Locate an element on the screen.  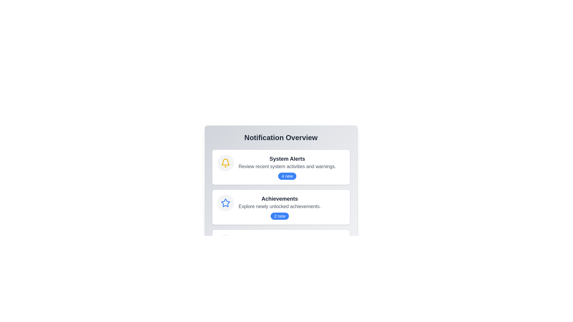
information displayed on the 'System Alerts' card, which is the first card in the stack, featuring a yellow bell icon, a bold heading, a subtitle, and a blue badge indicating '4 new' is located at coordinates (281, 167).